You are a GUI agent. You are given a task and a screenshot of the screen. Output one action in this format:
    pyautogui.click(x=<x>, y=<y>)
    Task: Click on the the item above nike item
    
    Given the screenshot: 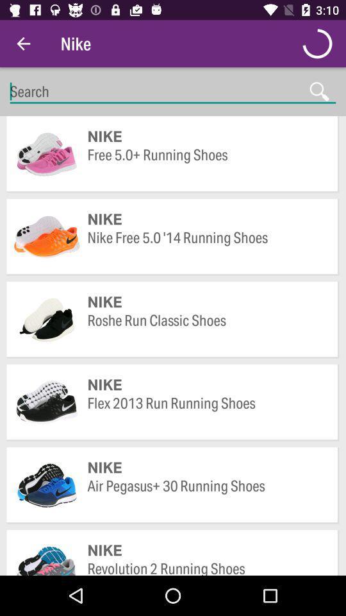 What is the action you would take?
    pyautogui.click(x=206, y=495)
    